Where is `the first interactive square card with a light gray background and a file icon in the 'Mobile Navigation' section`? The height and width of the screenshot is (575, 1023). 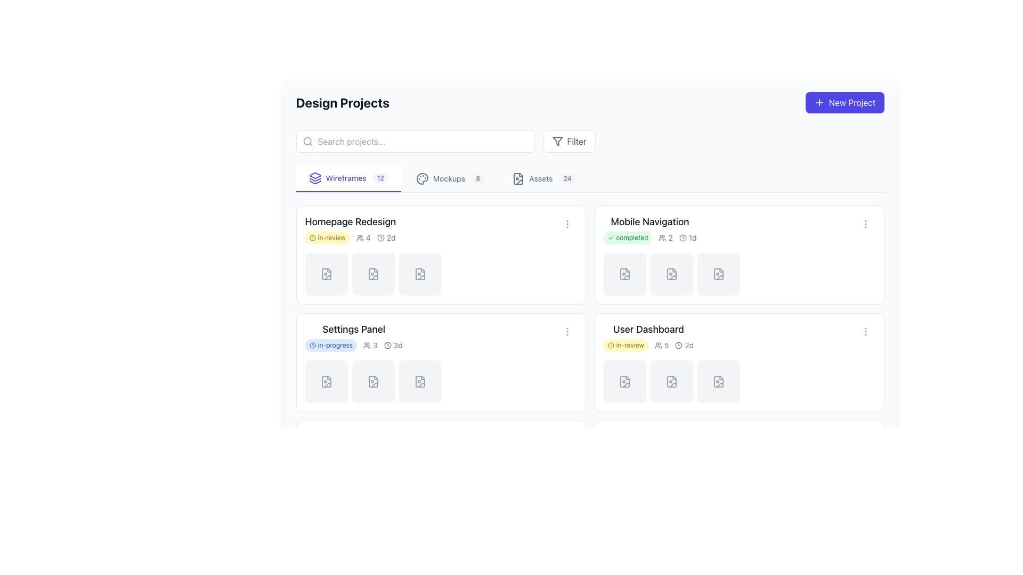 the first interactive square card with a light gray background and a file icon in the 'Mobile Navigation' section is located at coordinates (624, 274).